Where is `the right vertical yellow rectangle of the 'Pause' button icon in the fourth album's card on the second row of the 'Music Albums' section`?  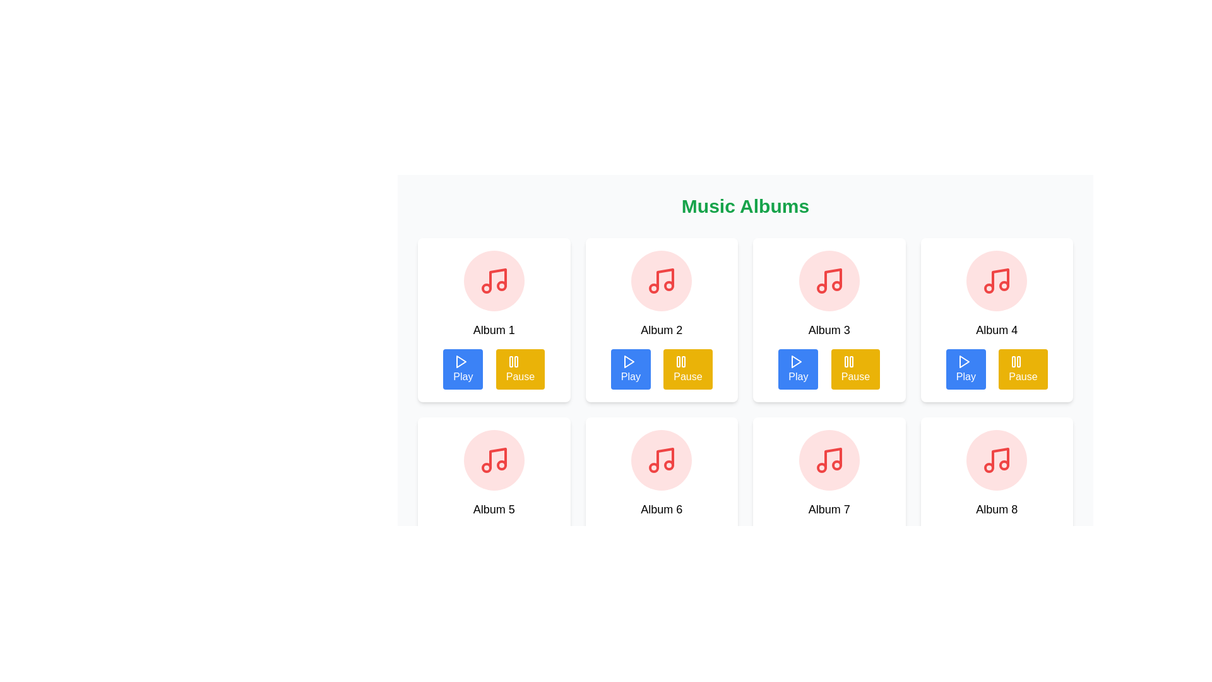
the right vertical yellow rectangle of the 'Pause' button icon in the fourth album's card on the second row of the 'Music Albums' section is located at coordinates (1019, 362).